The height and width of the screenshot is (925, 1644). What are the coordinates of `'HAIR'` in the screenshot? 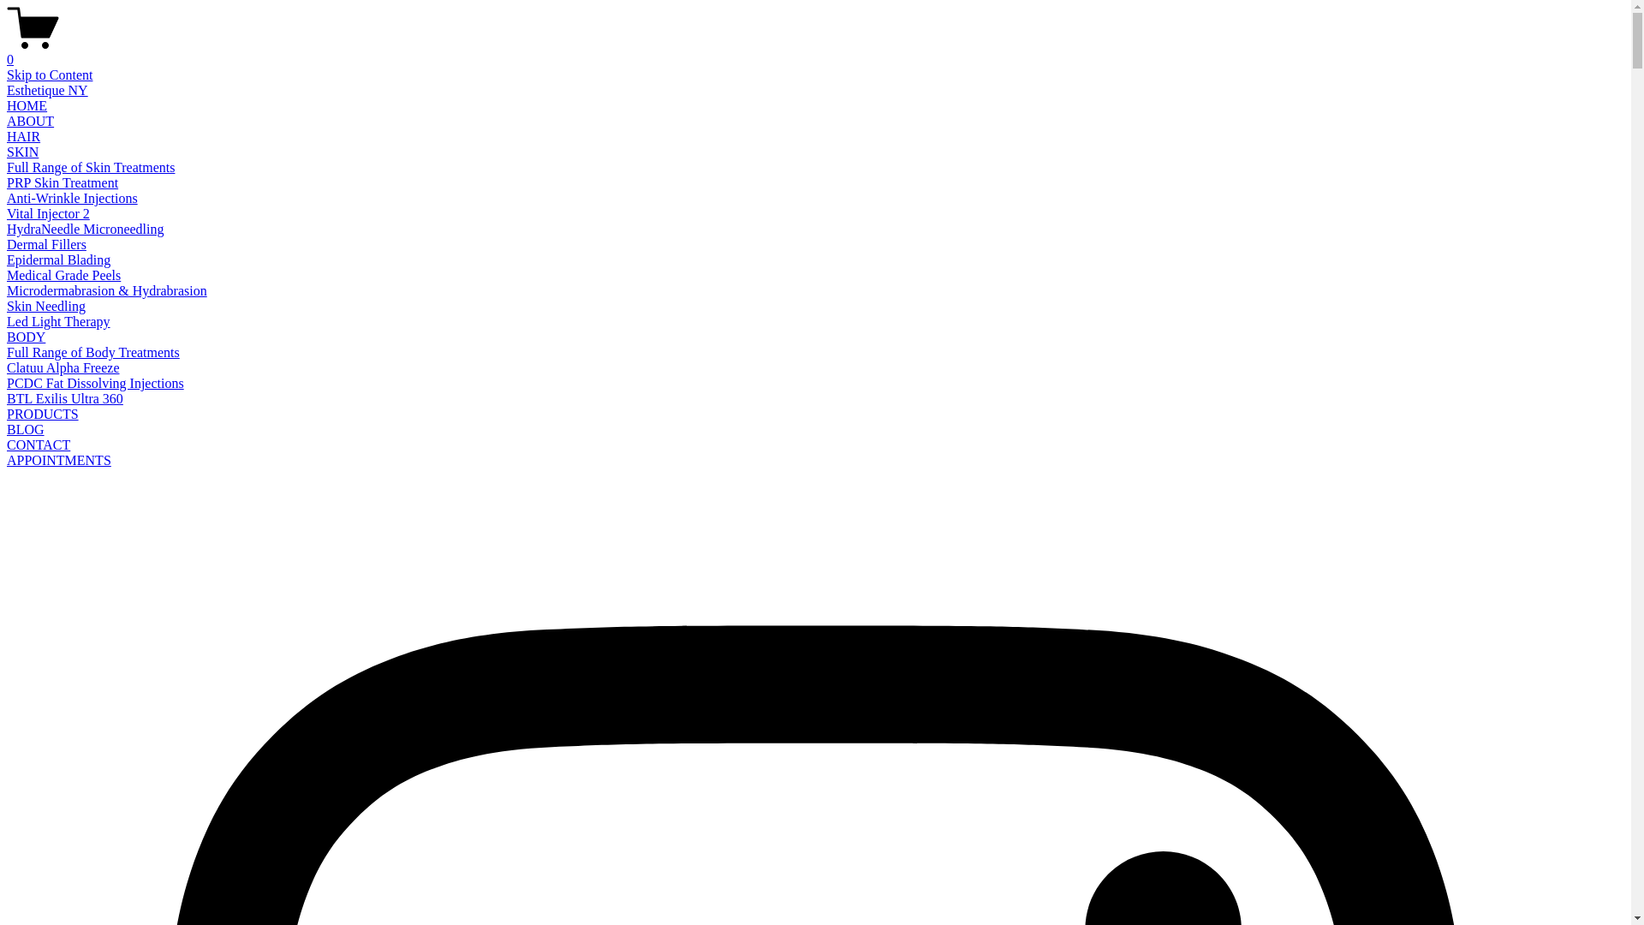 It's located at (23, 135).